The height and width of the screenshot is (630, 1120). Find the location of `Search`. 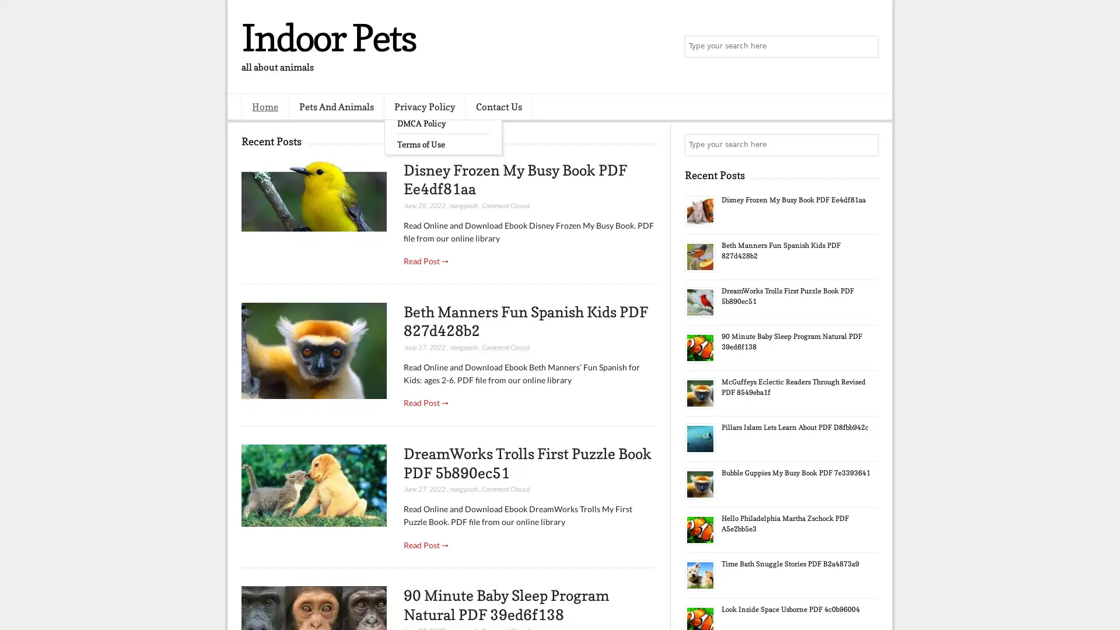

Search is located at coordinates (866, 47).